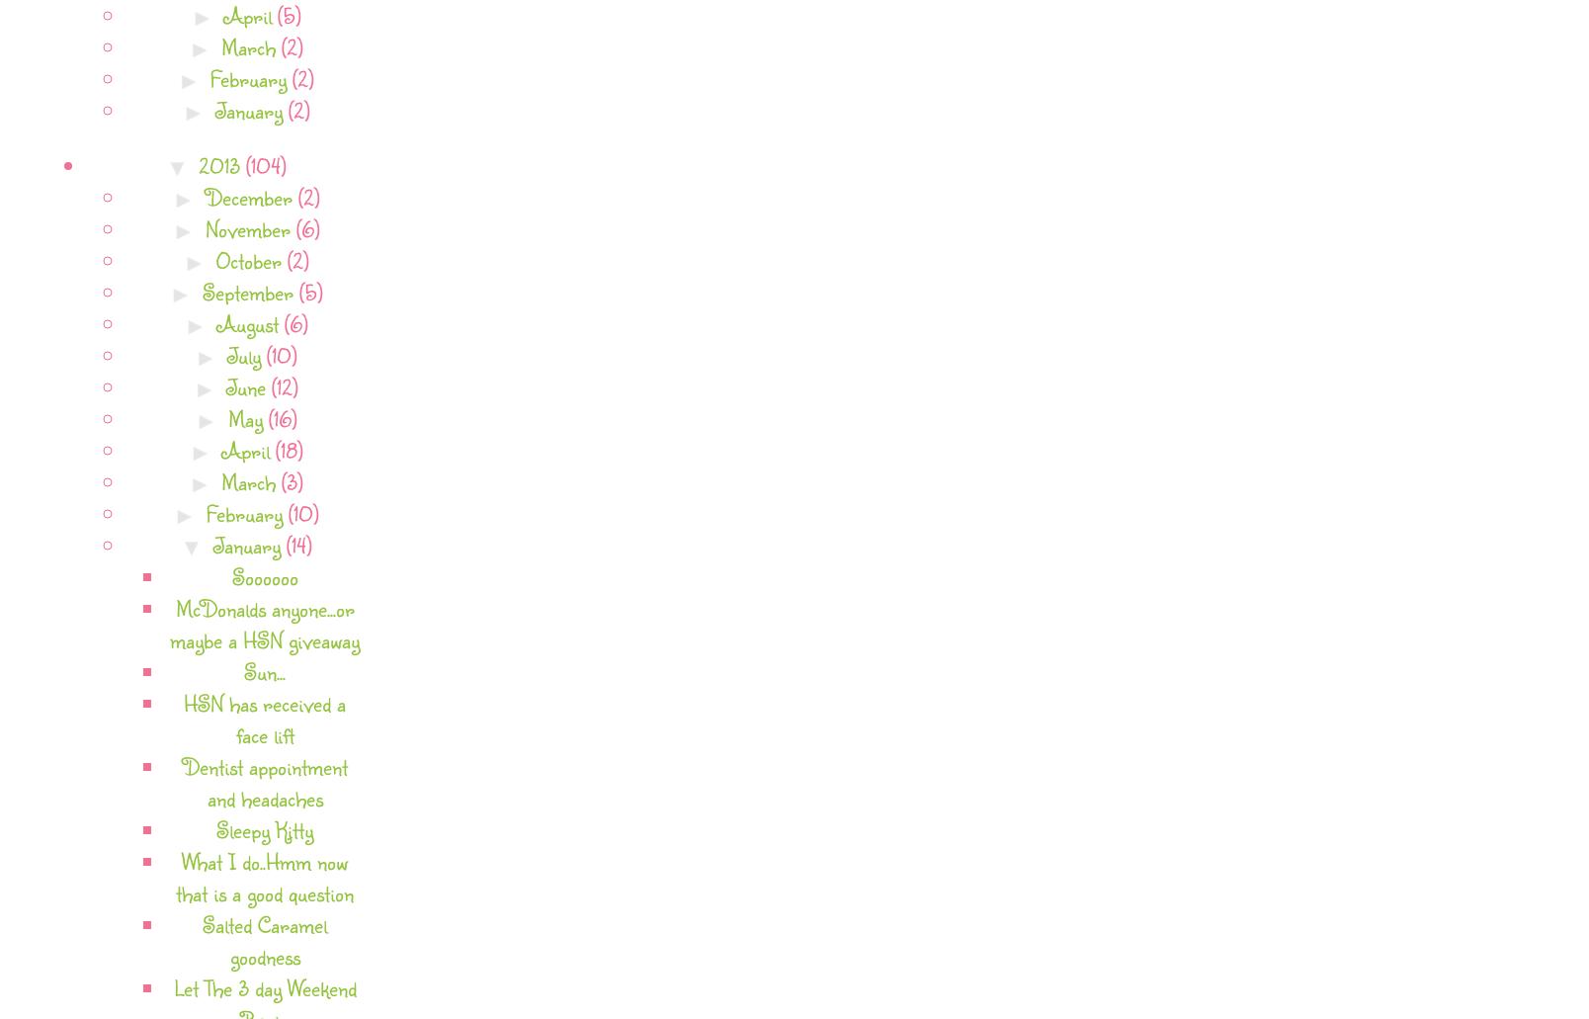 The height and width of the screenshot is (1019, 1589). I want to click on '(14)', so click(296, 543).